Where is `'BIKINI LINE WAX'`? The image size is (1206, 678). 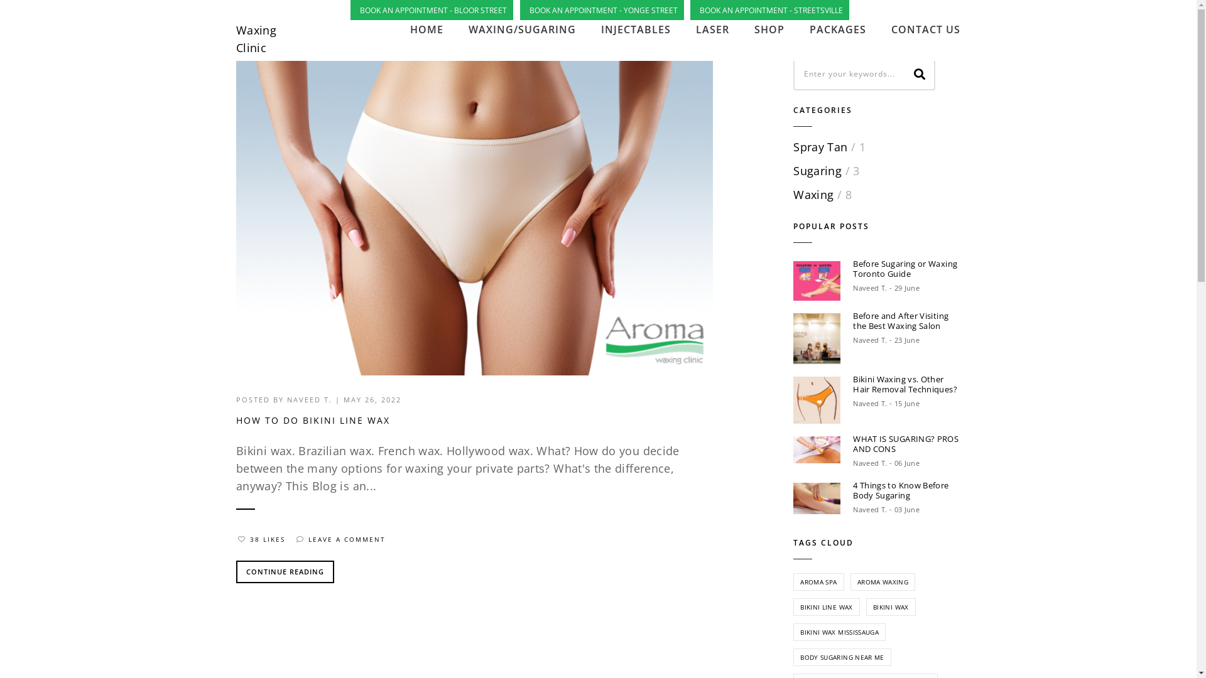
'BIKINI LINE WAX' is located at coordinates (826, 606).